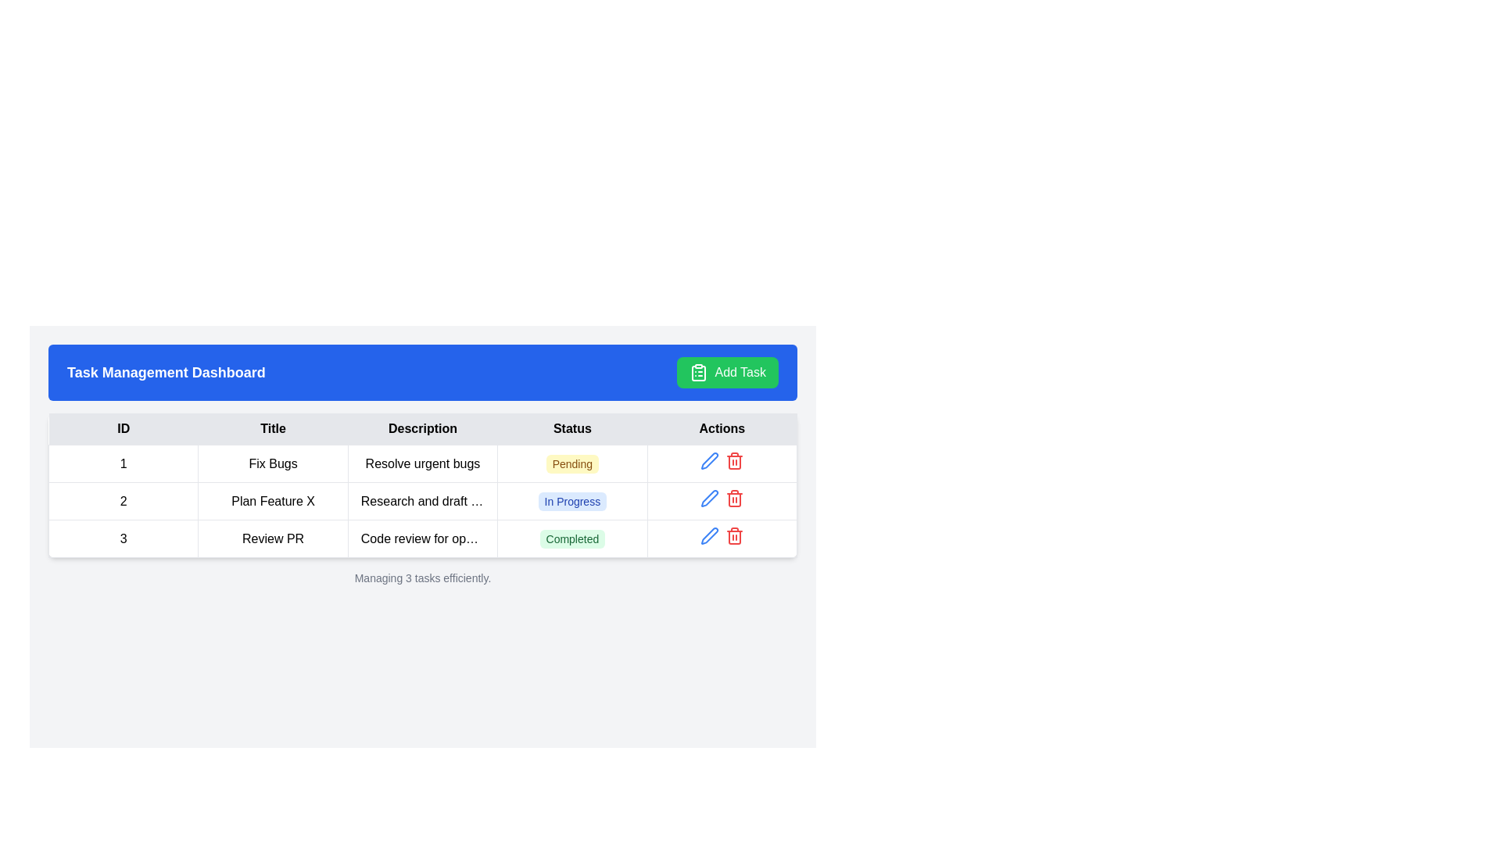 This screenshot has width=1501, height=844. What do you see at coordinates (708, 535) in the screenshot?
I see `the blue pen icon in the 'Actions' column of the second row of the table` at bounding box center [708, 535].